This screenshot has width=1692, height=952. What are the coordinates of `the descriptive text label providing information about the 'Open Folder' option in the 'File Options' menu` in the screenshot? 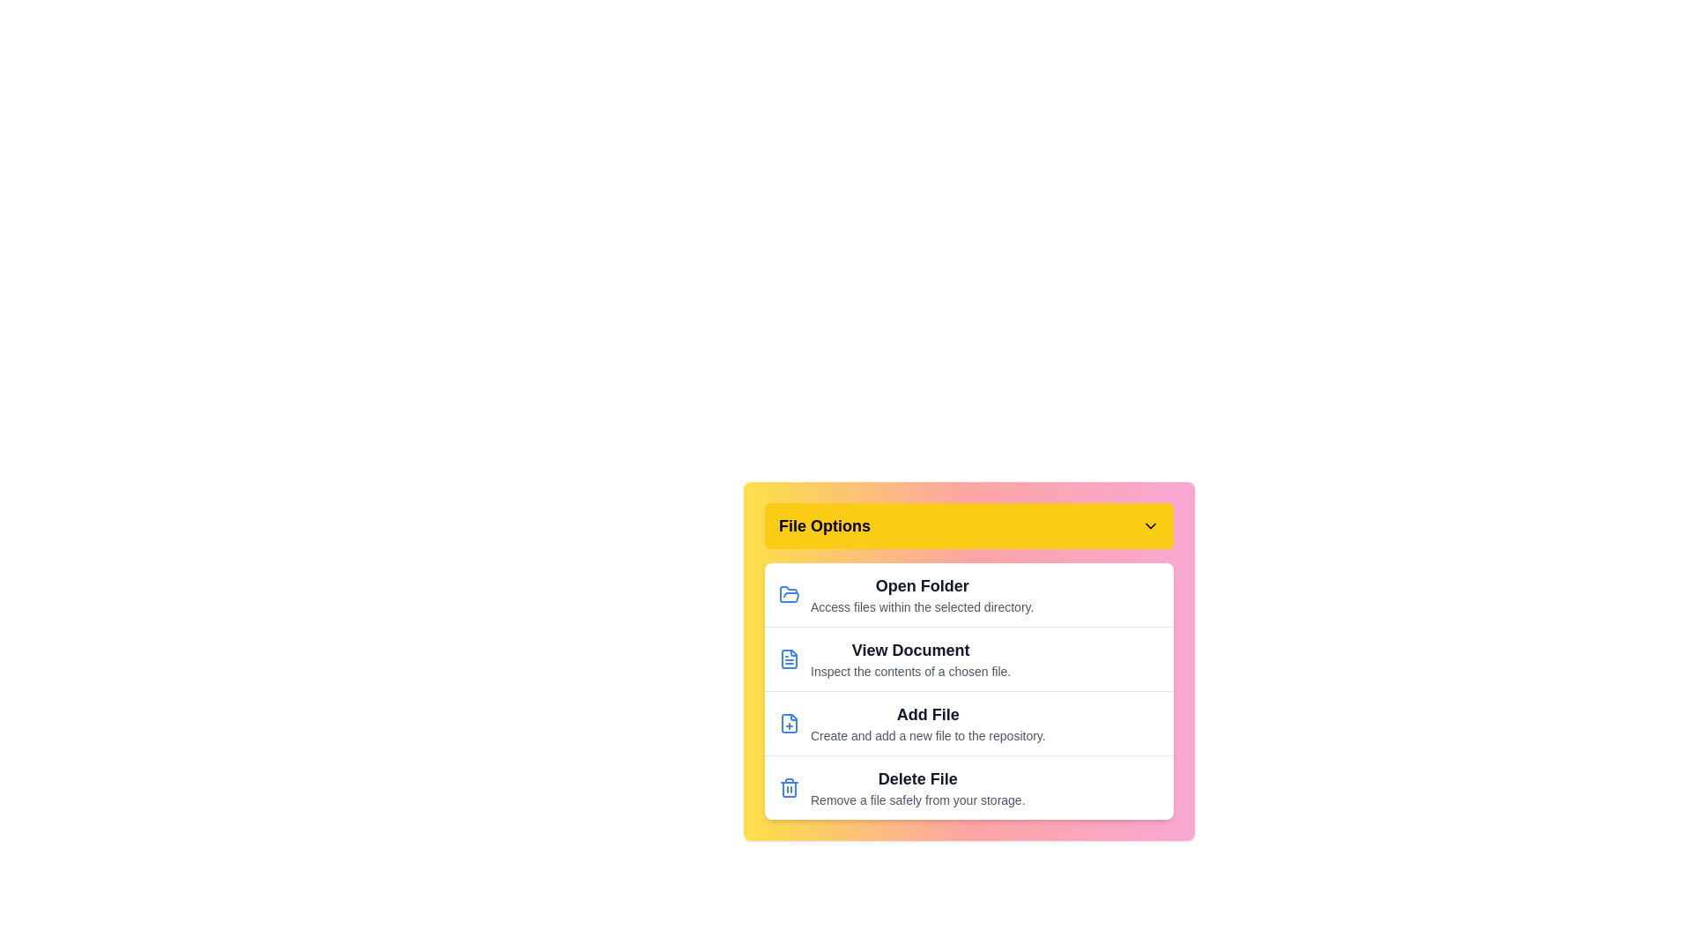 It's located at (921, 606).